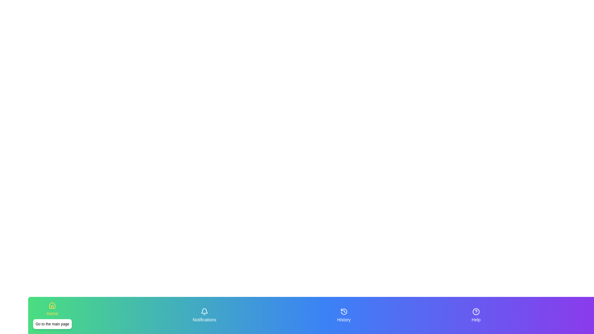 This screenshot has height=334, width=594. What do you see at coordinates (476, 315) in the screenshot?
I see `the tab corresponding to Help to navigate to its section` at bounding box center [476, 315].